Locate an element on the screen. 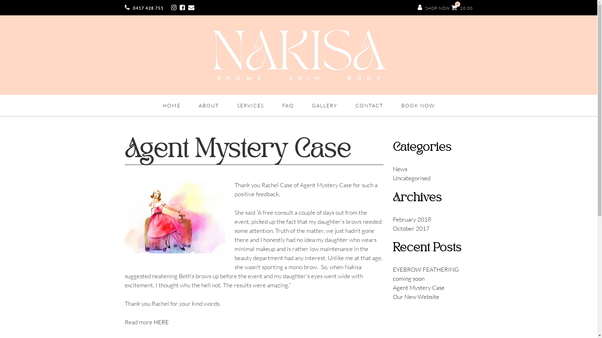 The image size is (602, 338). 'EYEBROW FEATHERING coming soon' is located at coordinates (392, 274).